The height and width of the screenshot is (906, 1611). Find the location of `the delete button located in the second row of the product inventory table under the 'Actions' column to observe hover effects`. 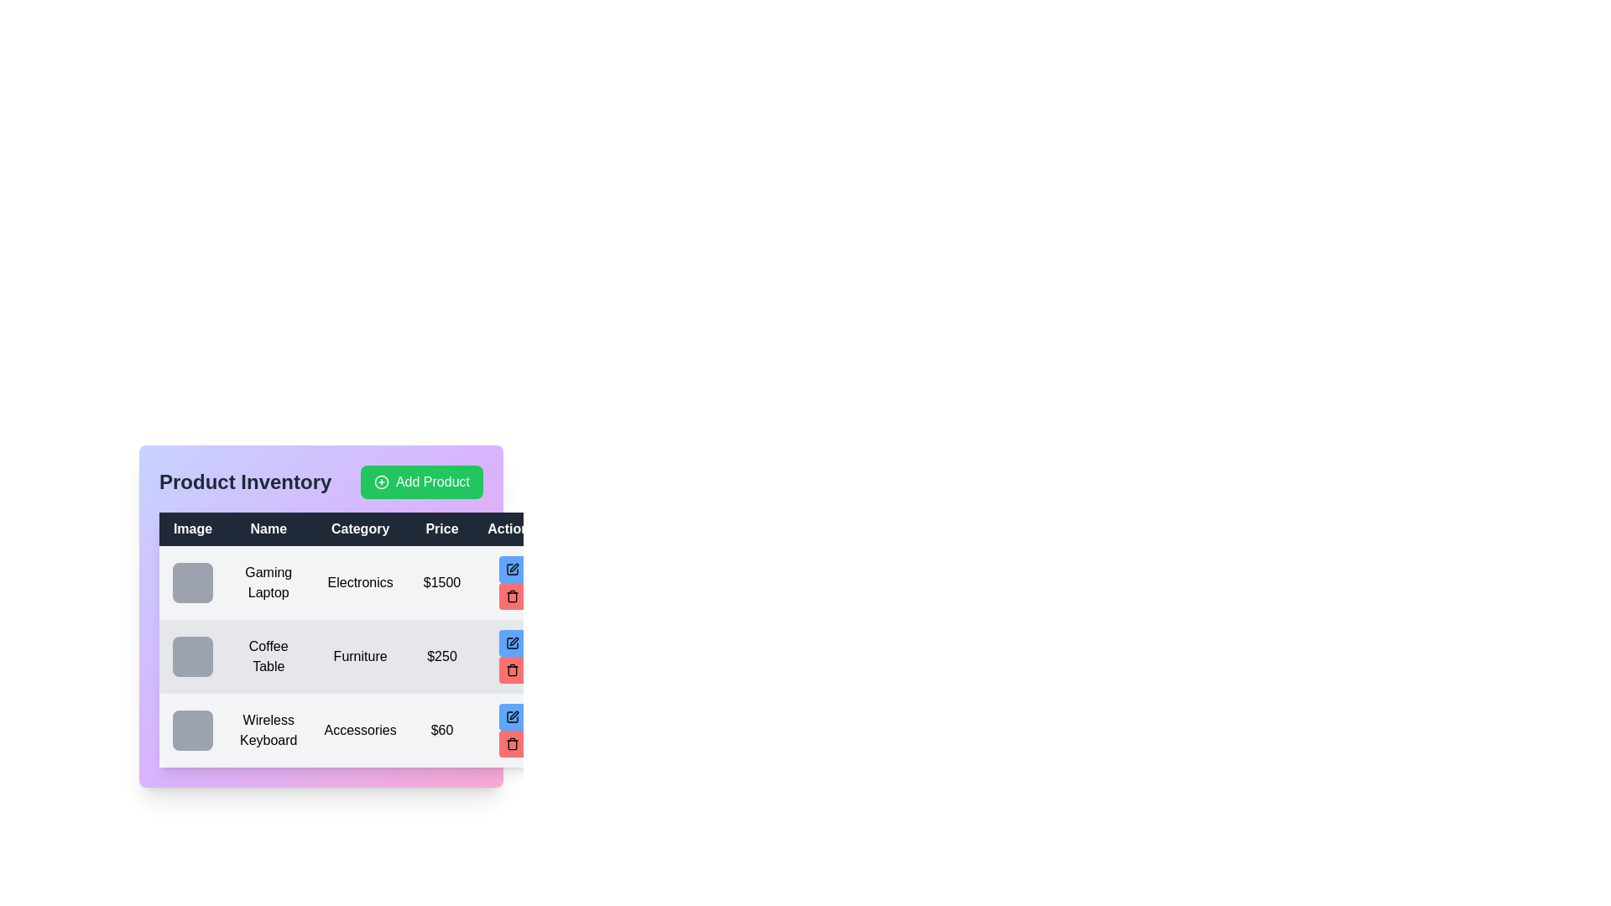

the delete button located in the second row of the product inventory table under the 'Actions' column to observe hover effects is located at coordinates (511, 669).